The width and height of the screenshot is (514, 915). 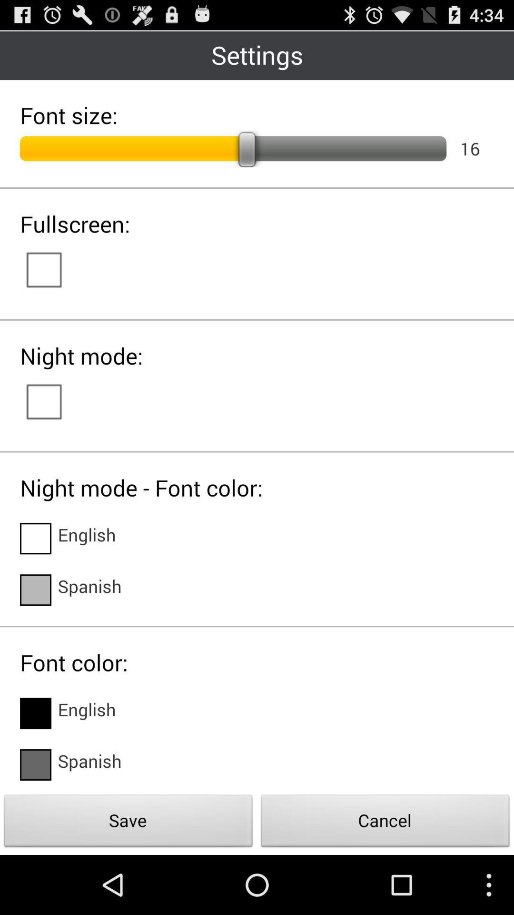 I want to click on item at the bottom right corner, so click(x=385, y=823).